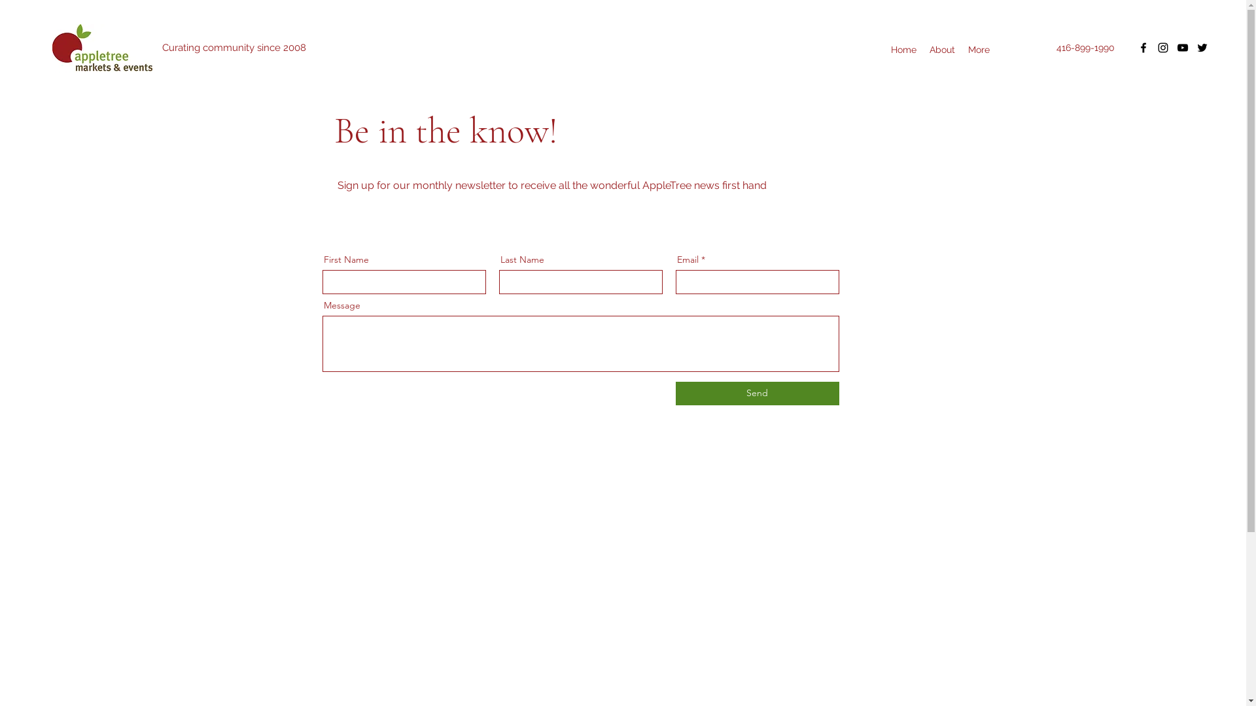 Image resolution: width=1256 pixels, height=706 pixels. Describe the element at coordinates (903, 49) in the screenshot. I see `'Home'` at that location.